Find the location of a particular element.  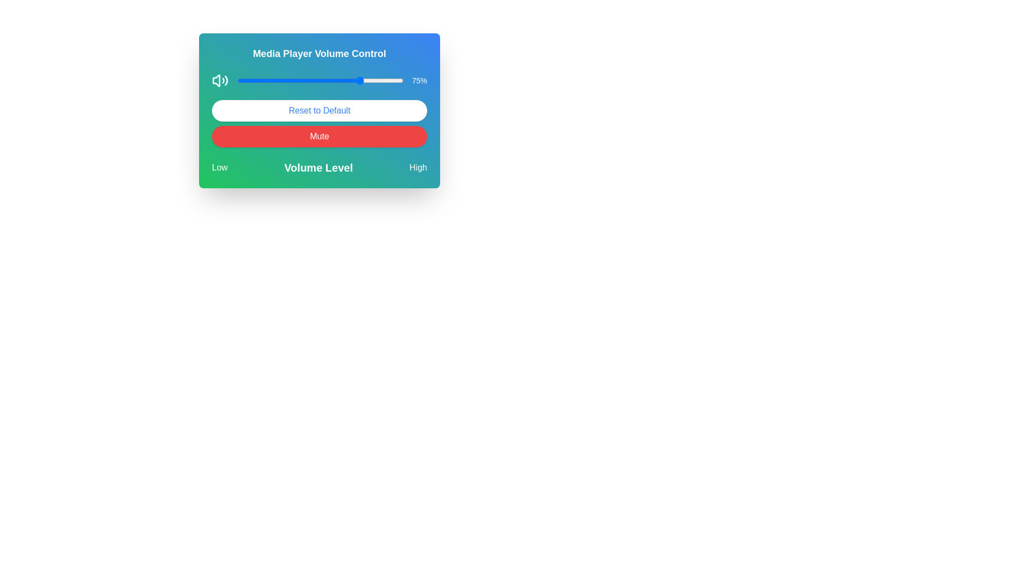

the volume is located at coordinates (377, 80).